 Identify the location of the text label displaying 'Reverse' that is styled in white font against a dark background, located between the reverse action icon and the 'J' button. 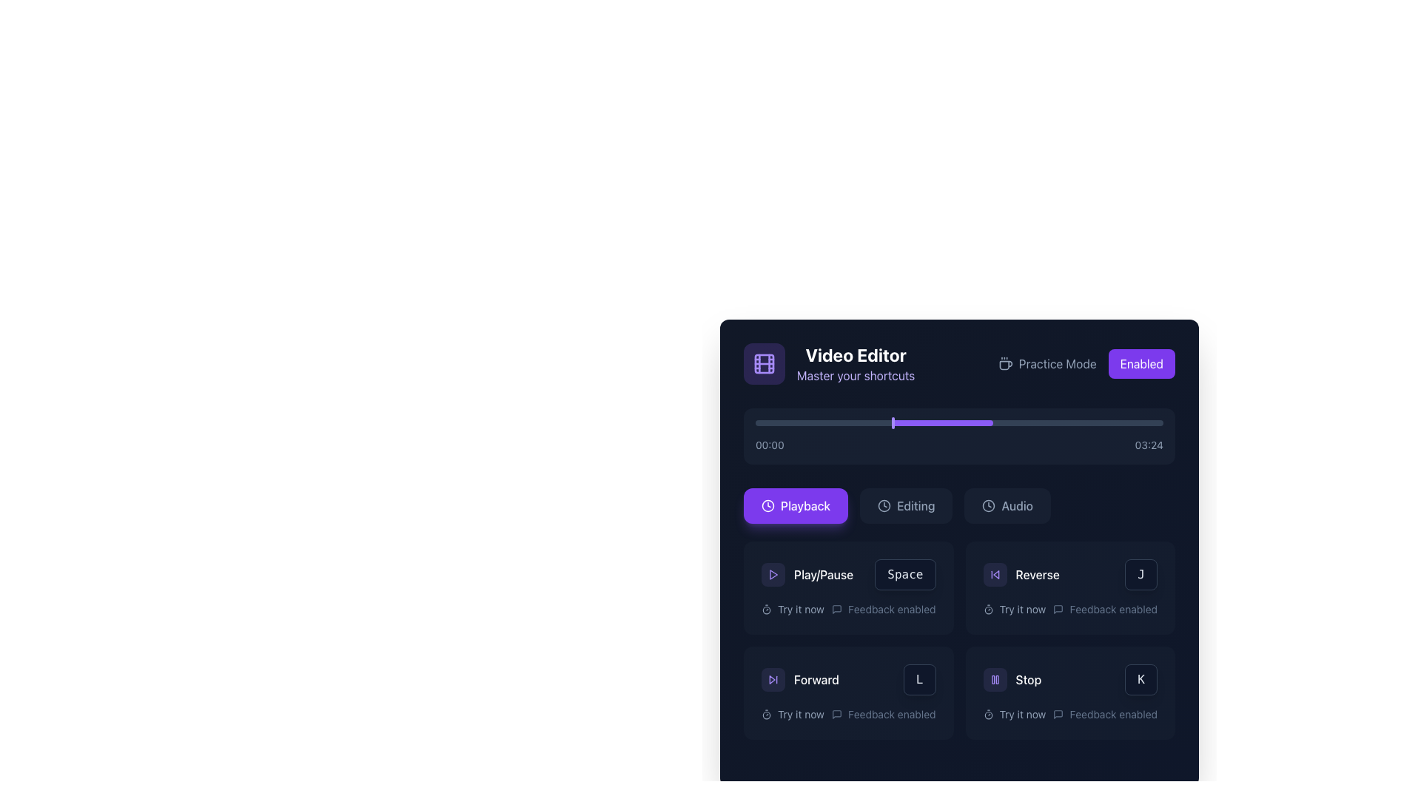
(1037, 573).